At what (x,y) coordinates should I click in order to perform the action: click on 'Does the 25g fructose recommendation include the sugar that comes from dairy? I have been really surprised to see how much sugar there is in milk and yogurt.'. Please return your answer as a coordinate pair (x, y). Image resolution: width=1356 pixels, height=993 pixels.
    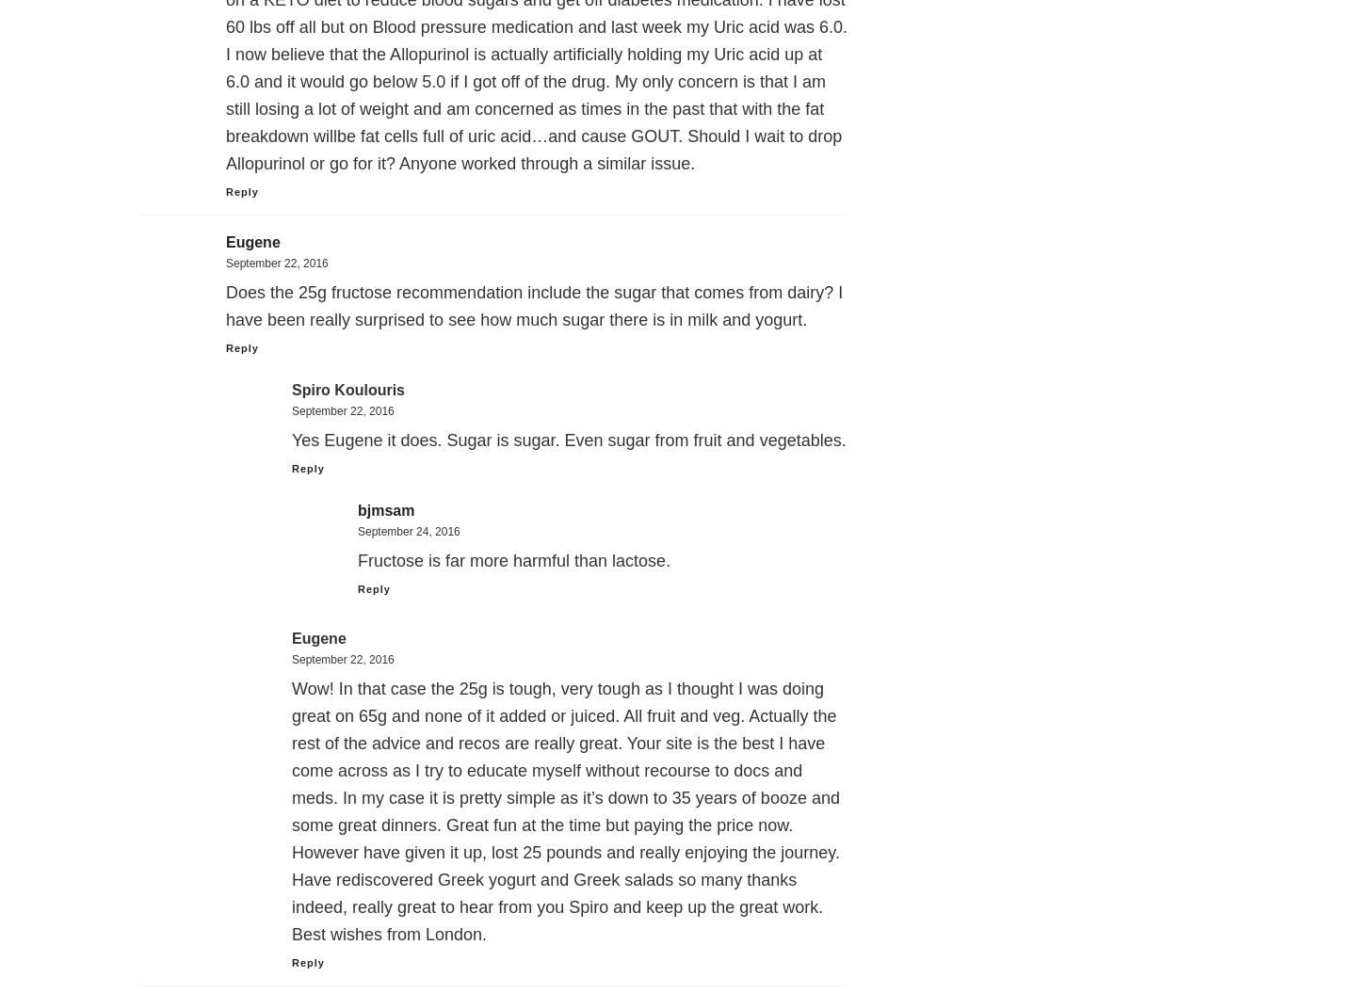
    Looking at the image, I should click on (534, 305).